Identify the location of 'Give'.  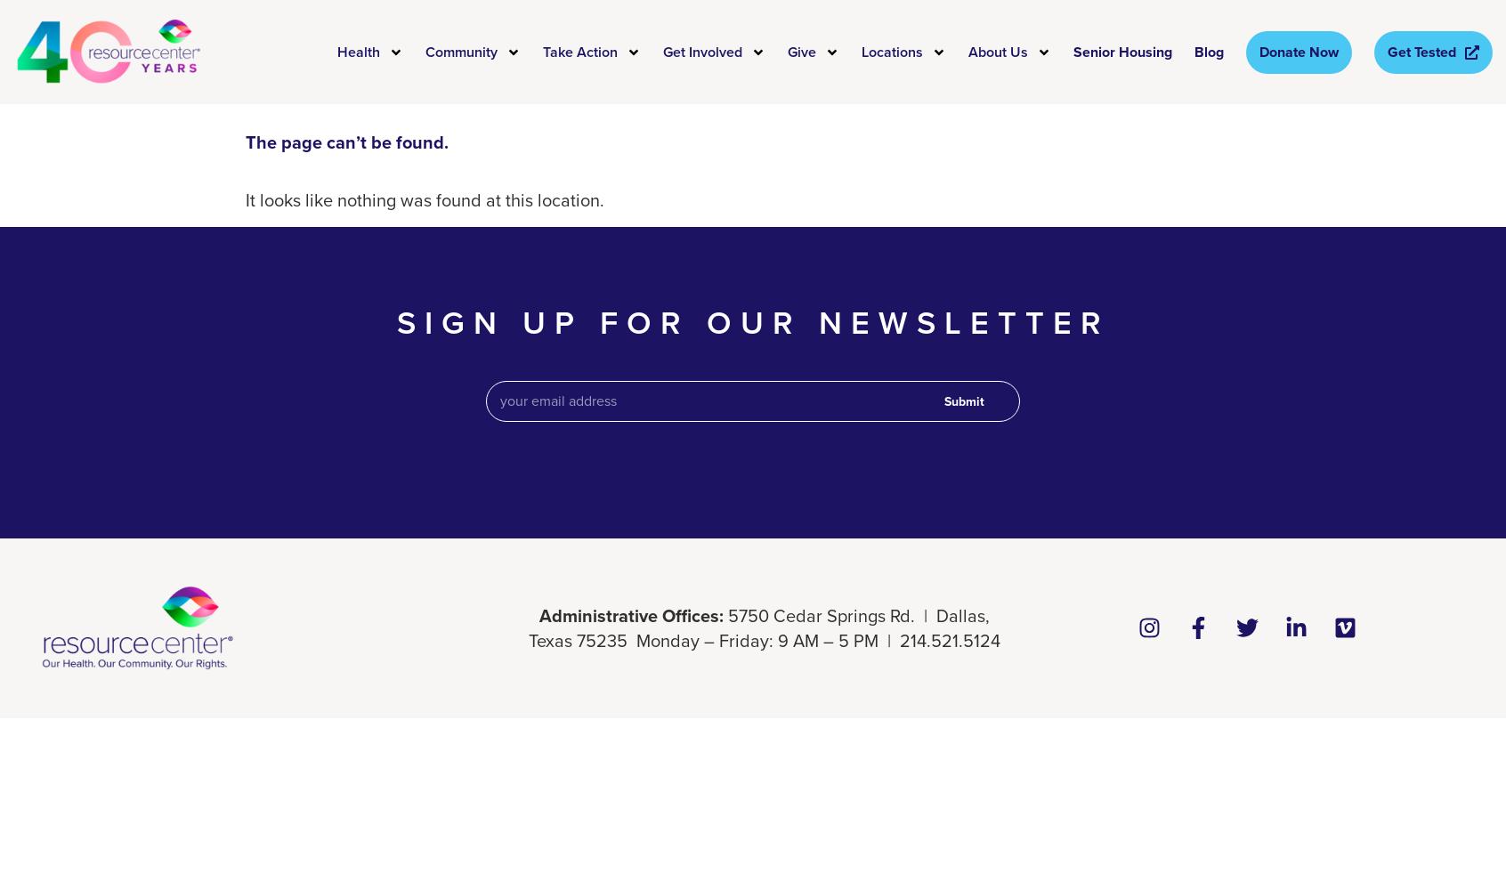
(800, 51).